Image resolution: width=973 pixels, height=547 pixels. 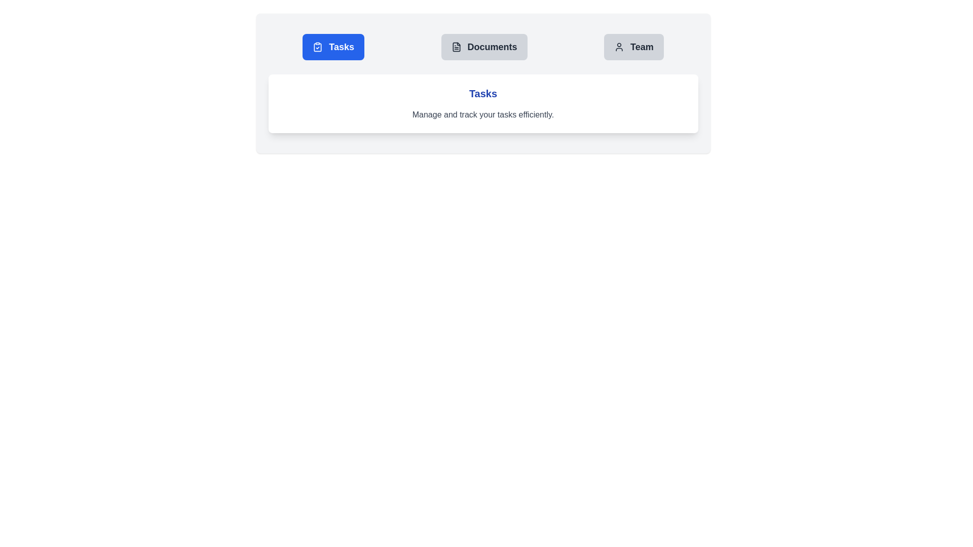 I want to click on the tab labeled Documents to display its associated content, so click(x=483, y=47).